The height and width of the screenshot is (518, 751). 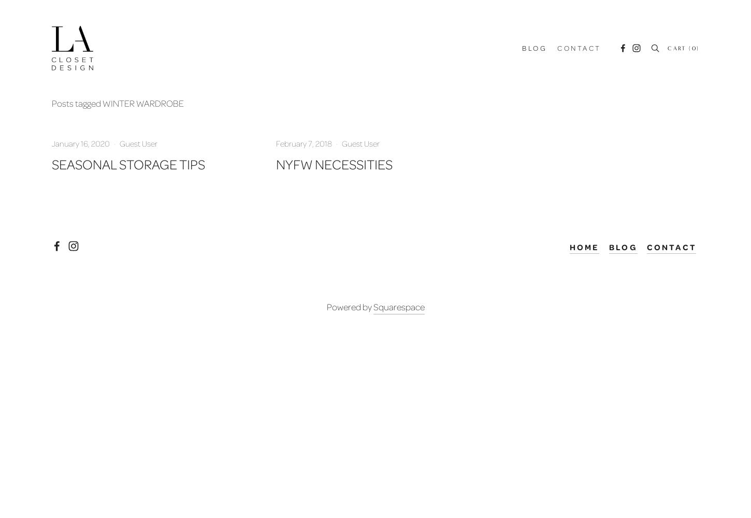 What do you see at coordinates (693, 47) in the screenshot?
I see `'0'` at bounding box center [693, 47].